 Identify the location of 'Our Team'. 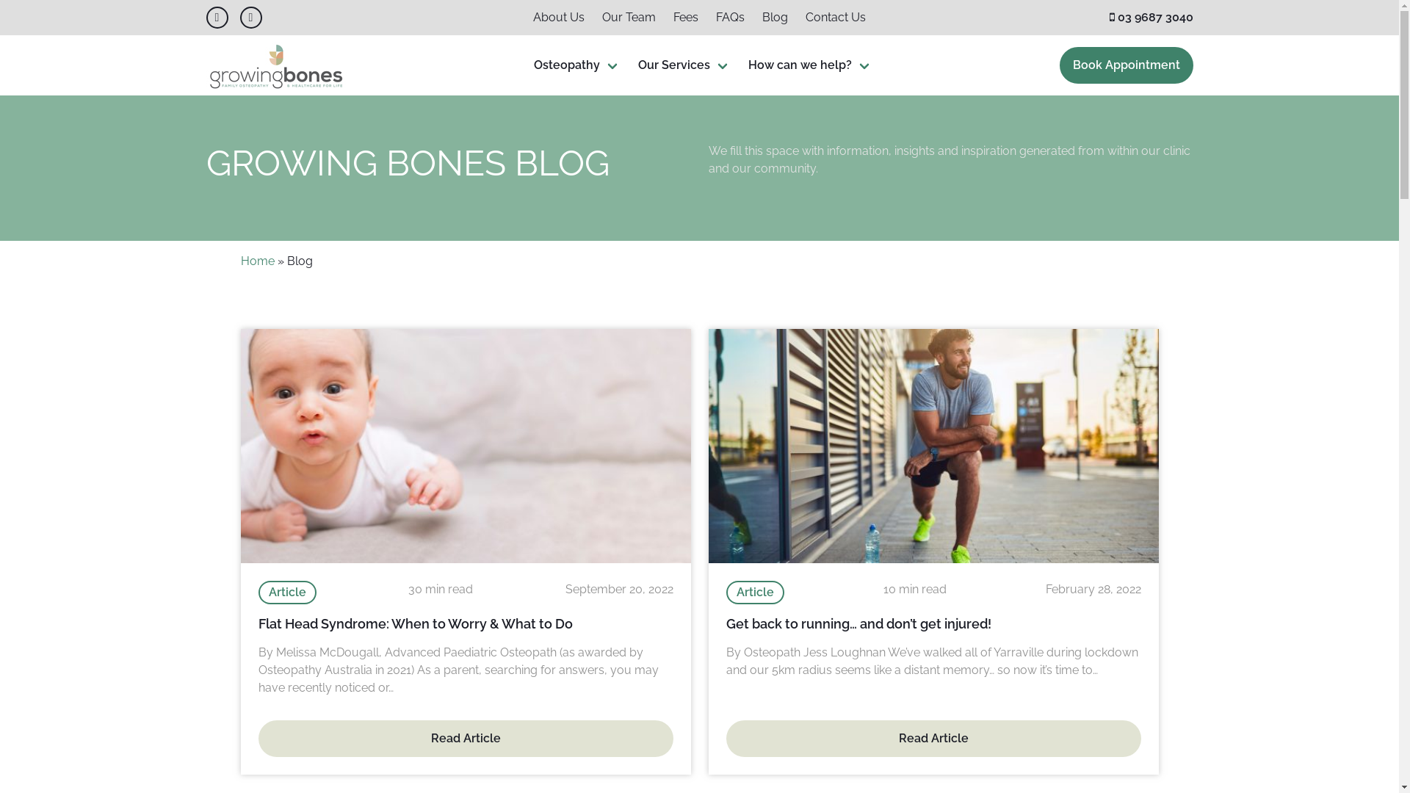
(629, 17).